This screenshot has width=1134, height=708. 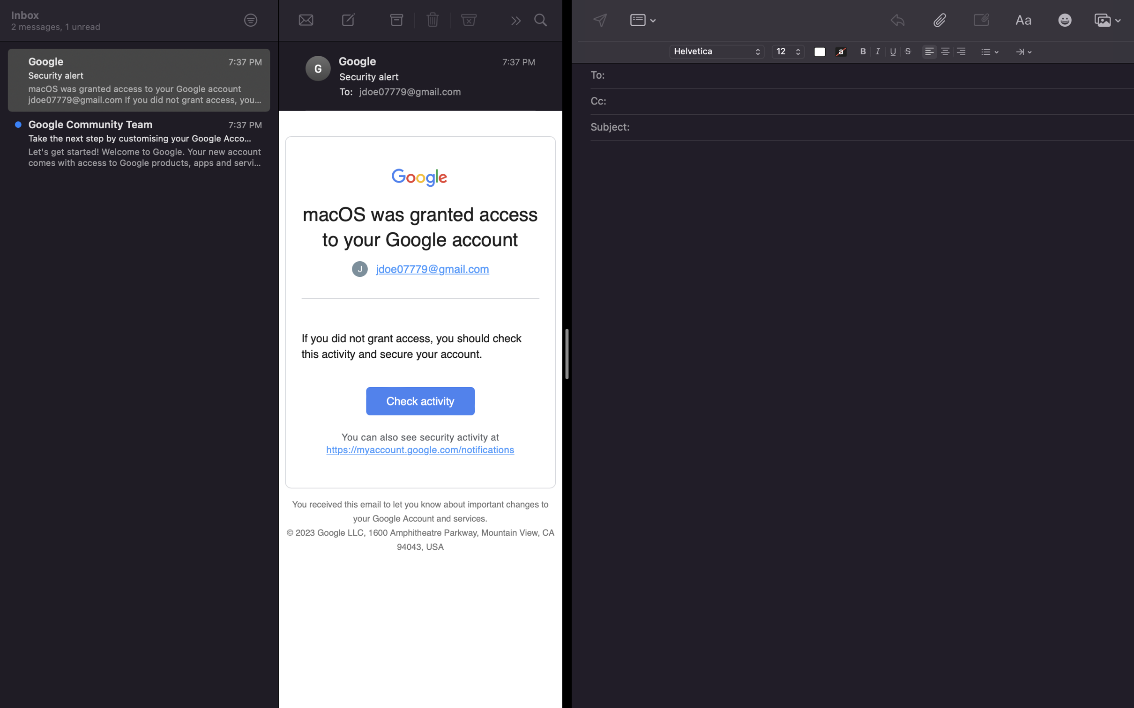 I want to click on bold styling to text and adjust to font size 14, so click(x=863, y=51).